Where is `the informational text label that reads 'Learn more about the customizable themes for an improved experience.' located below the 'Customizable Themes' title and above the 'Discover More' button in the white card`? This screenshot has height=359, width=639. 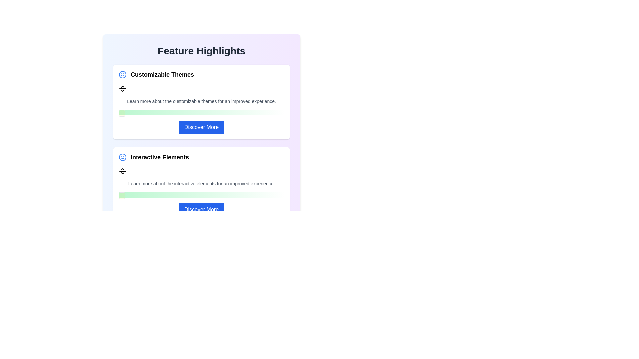
the informational text label that reads 'Learn more about the customizable themes for an improved experience.' located below the 'Customizable Themes' title and above the 'Discover More' button in the white card is located at coordinates (201, 101).